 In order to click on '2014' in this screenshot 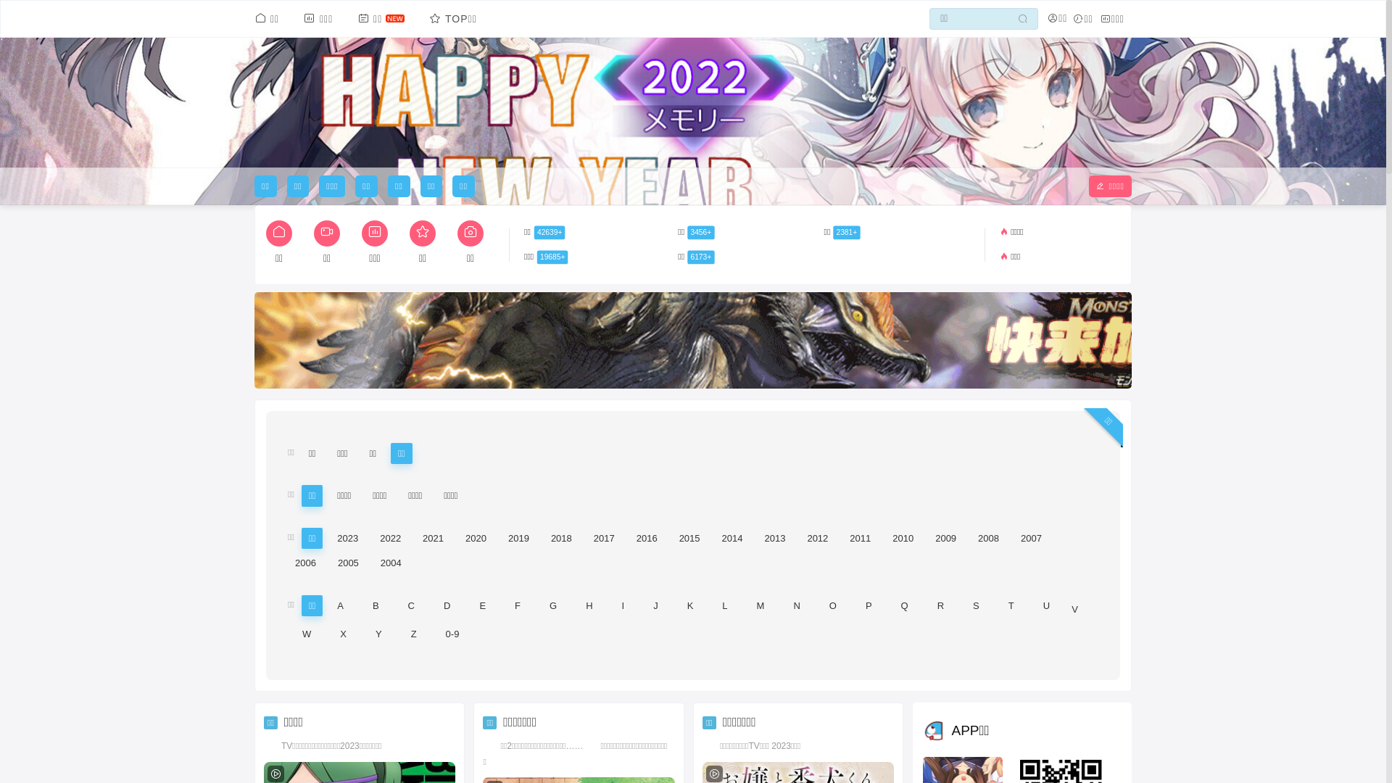, I will do `click(732, 538)`.